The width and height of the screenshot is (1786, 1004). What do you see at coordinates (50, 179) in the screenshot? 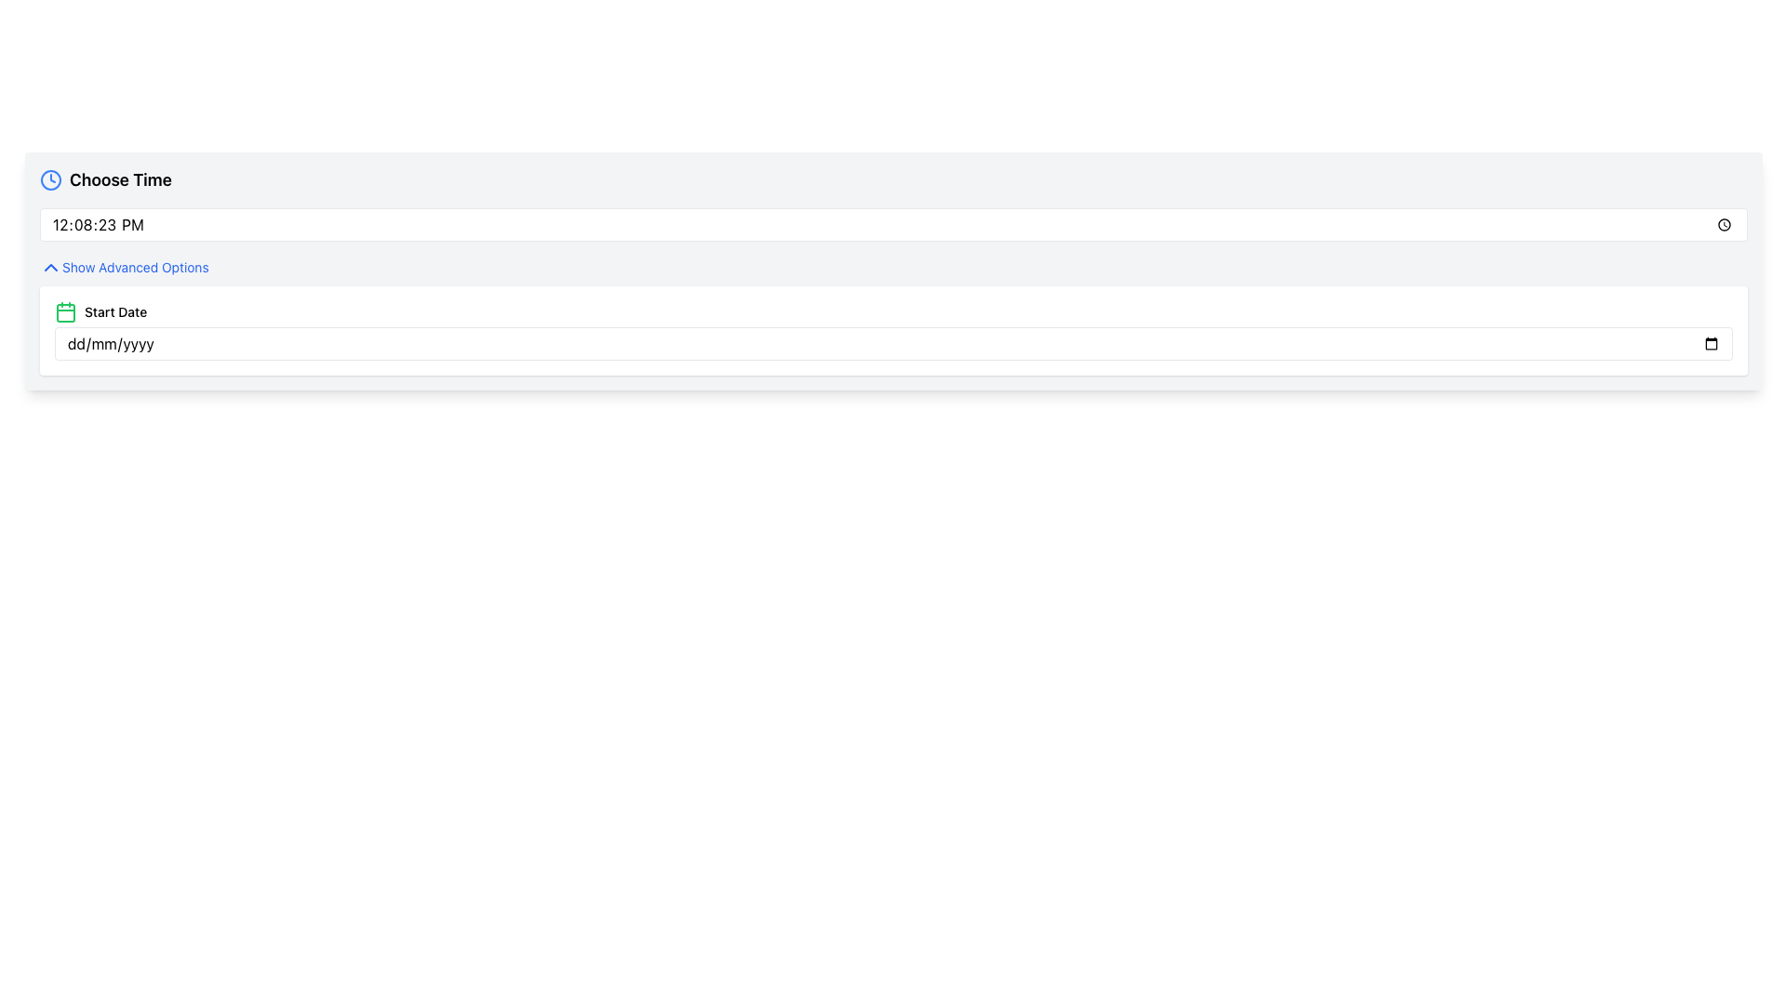
I see `the small, circular clock icon with a blue outline, located to the left of the text 'Choose Time'` at bounding box center [50, 179].